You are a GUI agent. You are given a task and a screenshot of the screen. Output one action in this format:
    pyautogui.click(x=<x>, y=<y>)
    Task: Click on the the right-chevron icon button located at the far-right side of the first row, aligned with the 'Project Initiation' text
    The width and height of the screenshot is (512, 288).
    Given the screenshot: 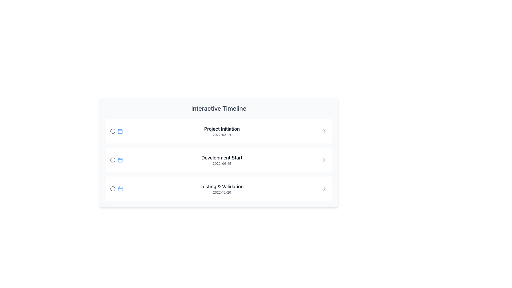 What is the action you would take?
    pyautogui.click(x=324, y=131)
    